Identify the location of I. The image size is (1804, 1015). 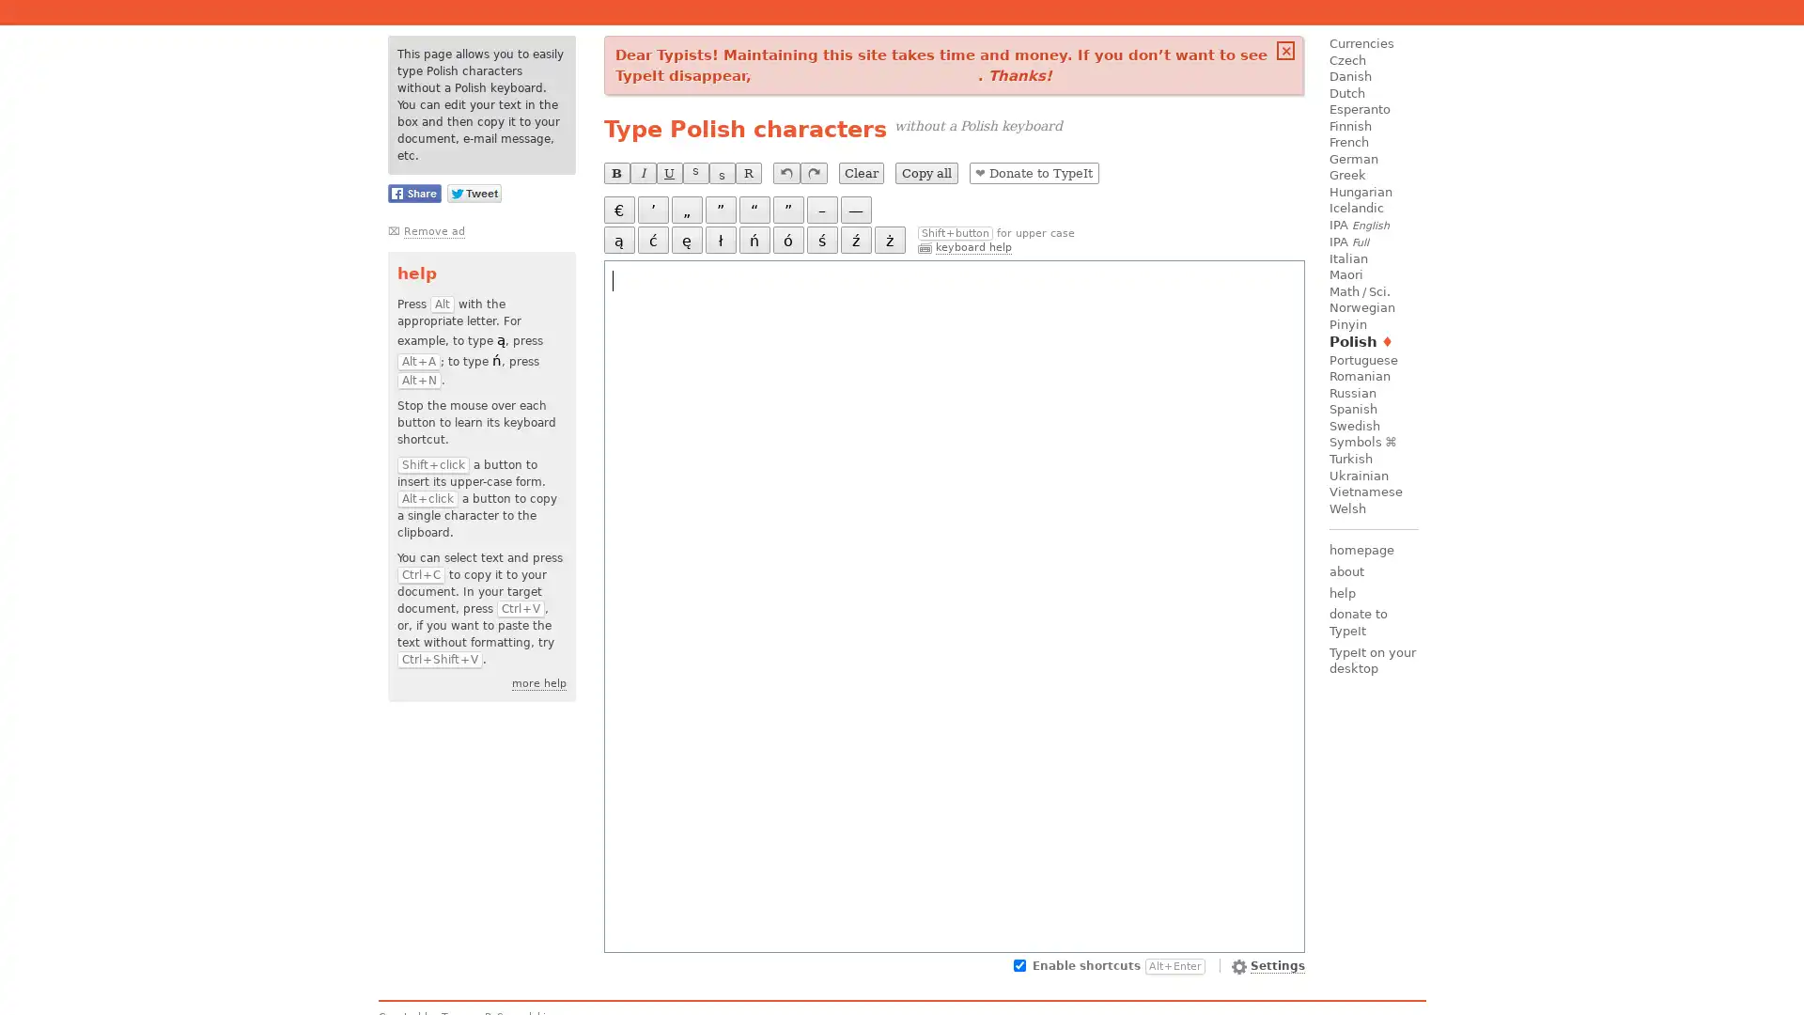
(642, 173).